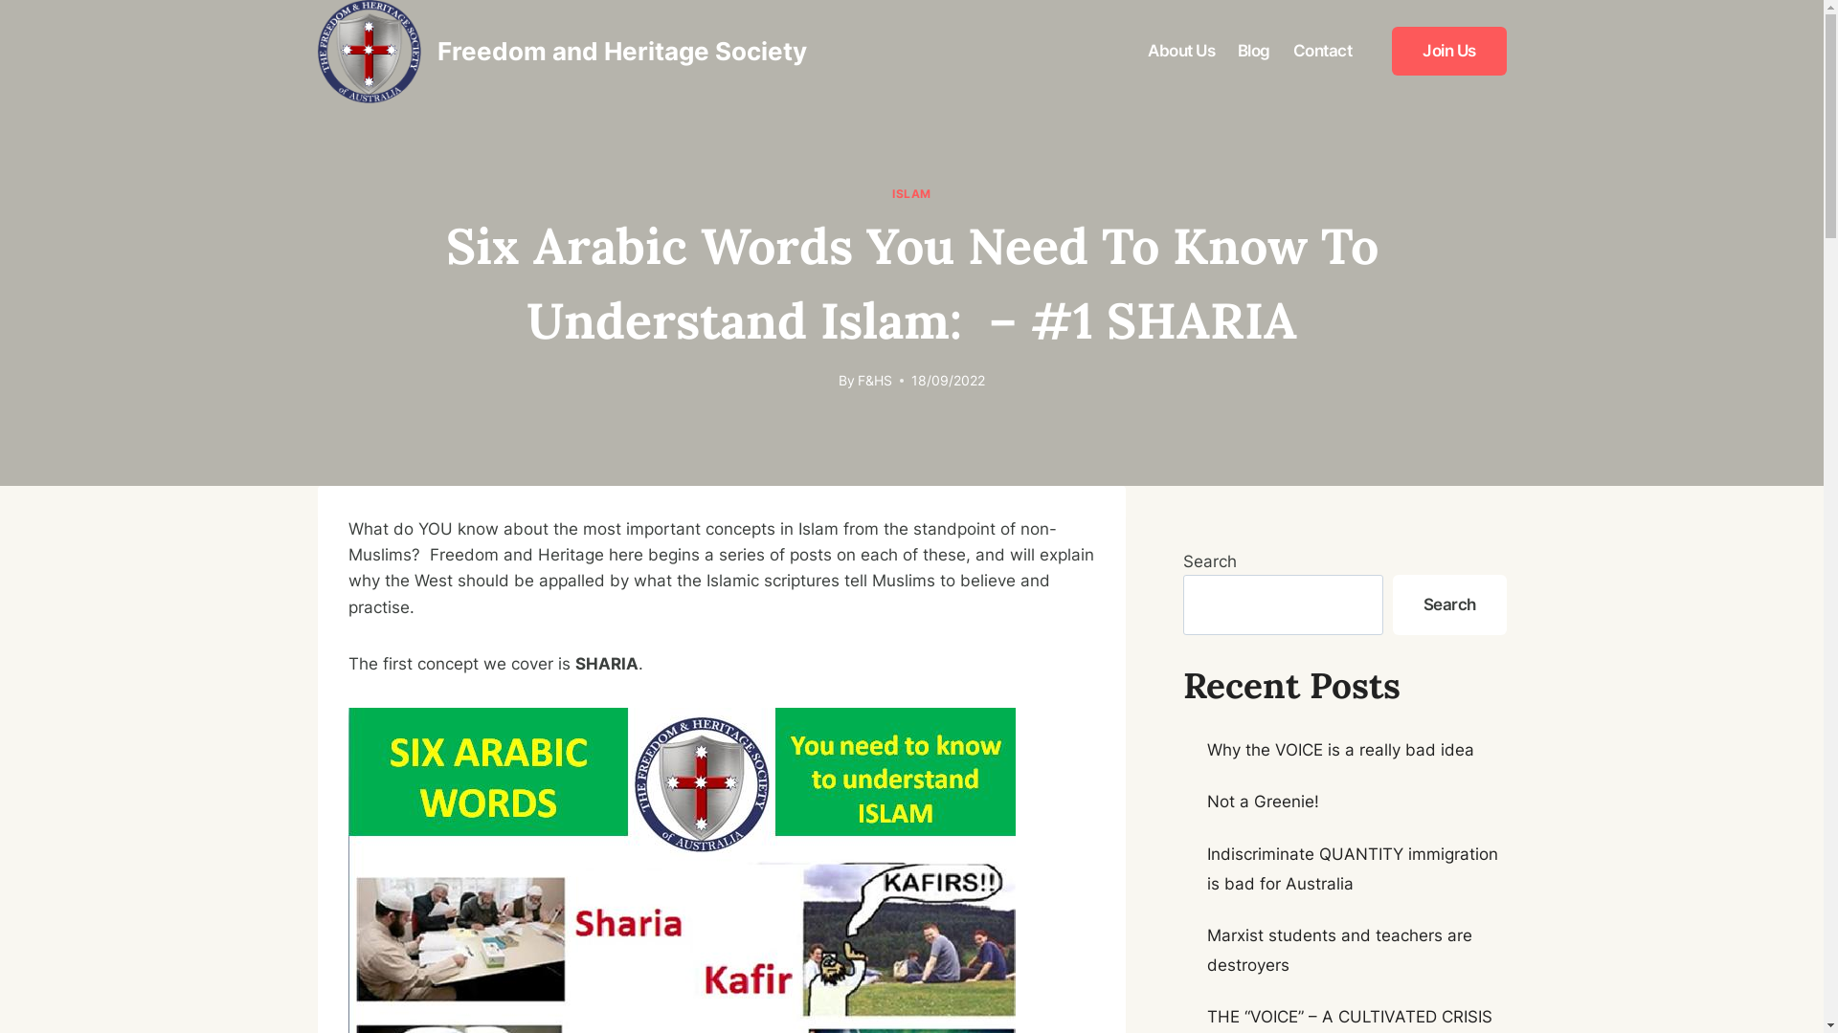 This screenshot has height=1033, width=1838. What do you see at coordinates (1338, 950) in the screenshot?
I see `'Marxist students and teachers are destroyers'` at bounding box center [1338, 950].